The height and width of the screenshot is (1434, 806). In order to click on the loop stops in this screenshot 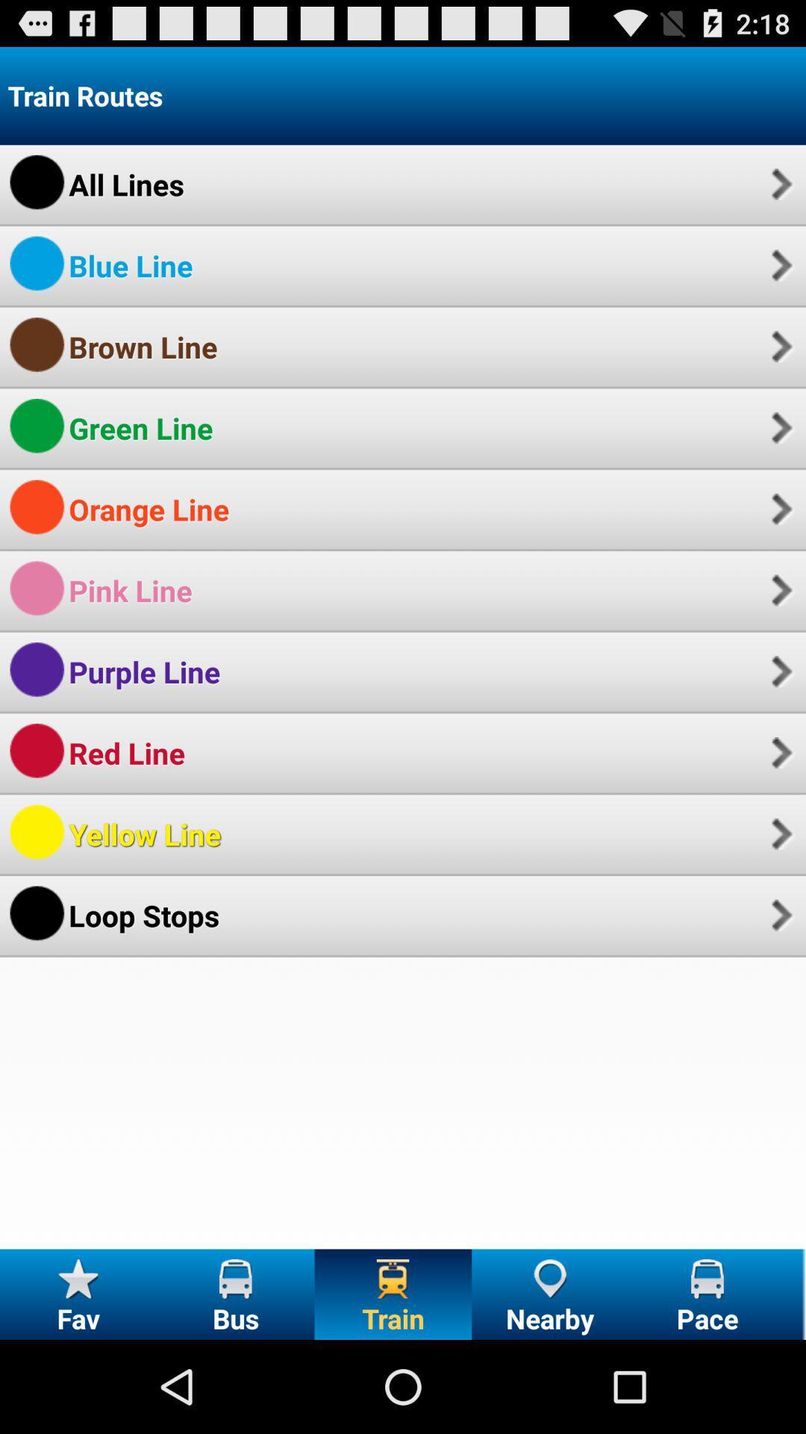, I will do `click(144, 914)`.